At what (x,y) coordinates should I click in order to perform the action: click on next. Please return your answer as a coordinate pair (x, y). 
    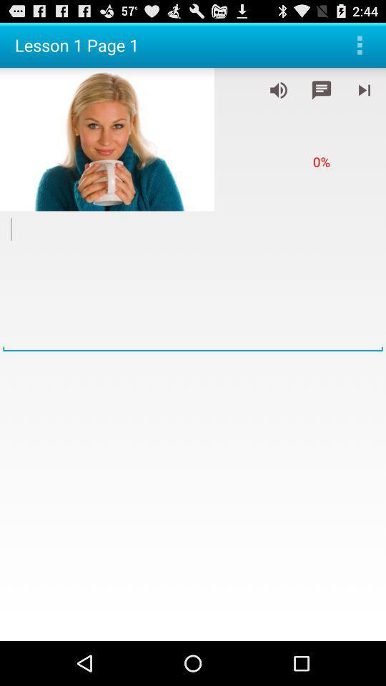
    Looking at the image, I should click on (364, 89).